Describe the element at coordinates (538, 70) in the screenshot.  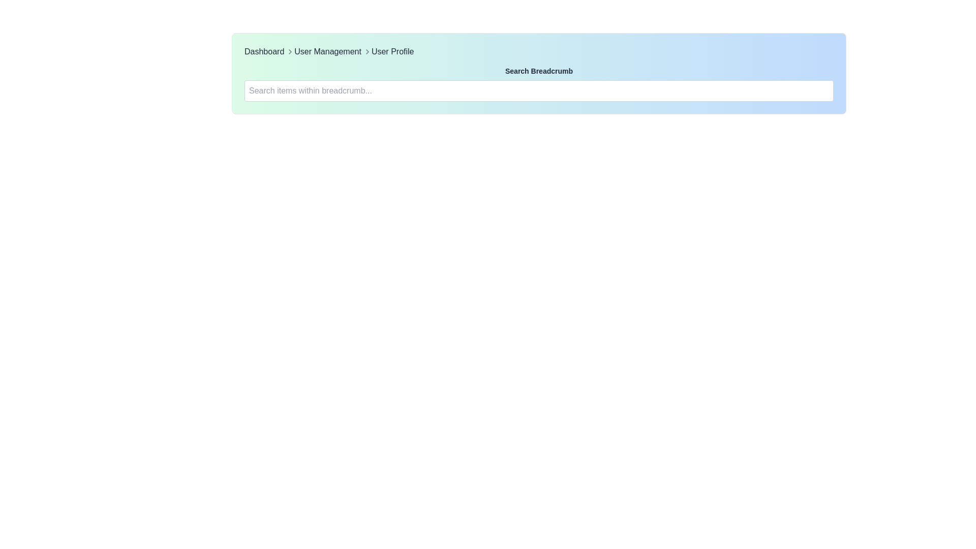
I see `the descriptive Text label located above the search input field labeled 'Search items within breadcrumb...'` at that location.